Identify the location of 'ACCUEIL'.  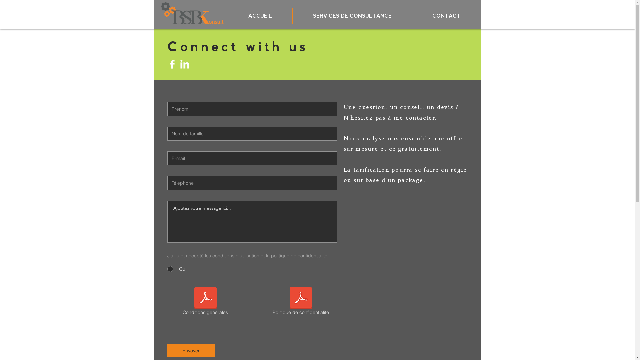
(260, 15).